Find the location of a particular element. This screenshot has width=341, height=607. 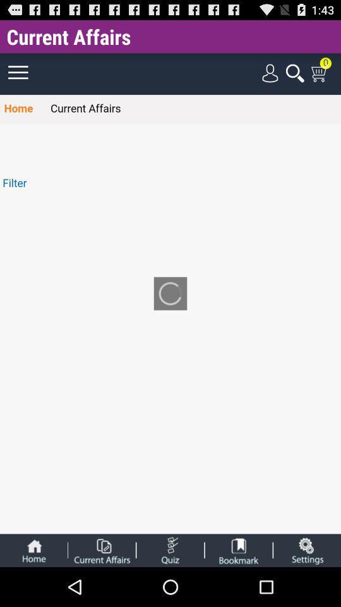

go back is located at coordinates (33, 549).